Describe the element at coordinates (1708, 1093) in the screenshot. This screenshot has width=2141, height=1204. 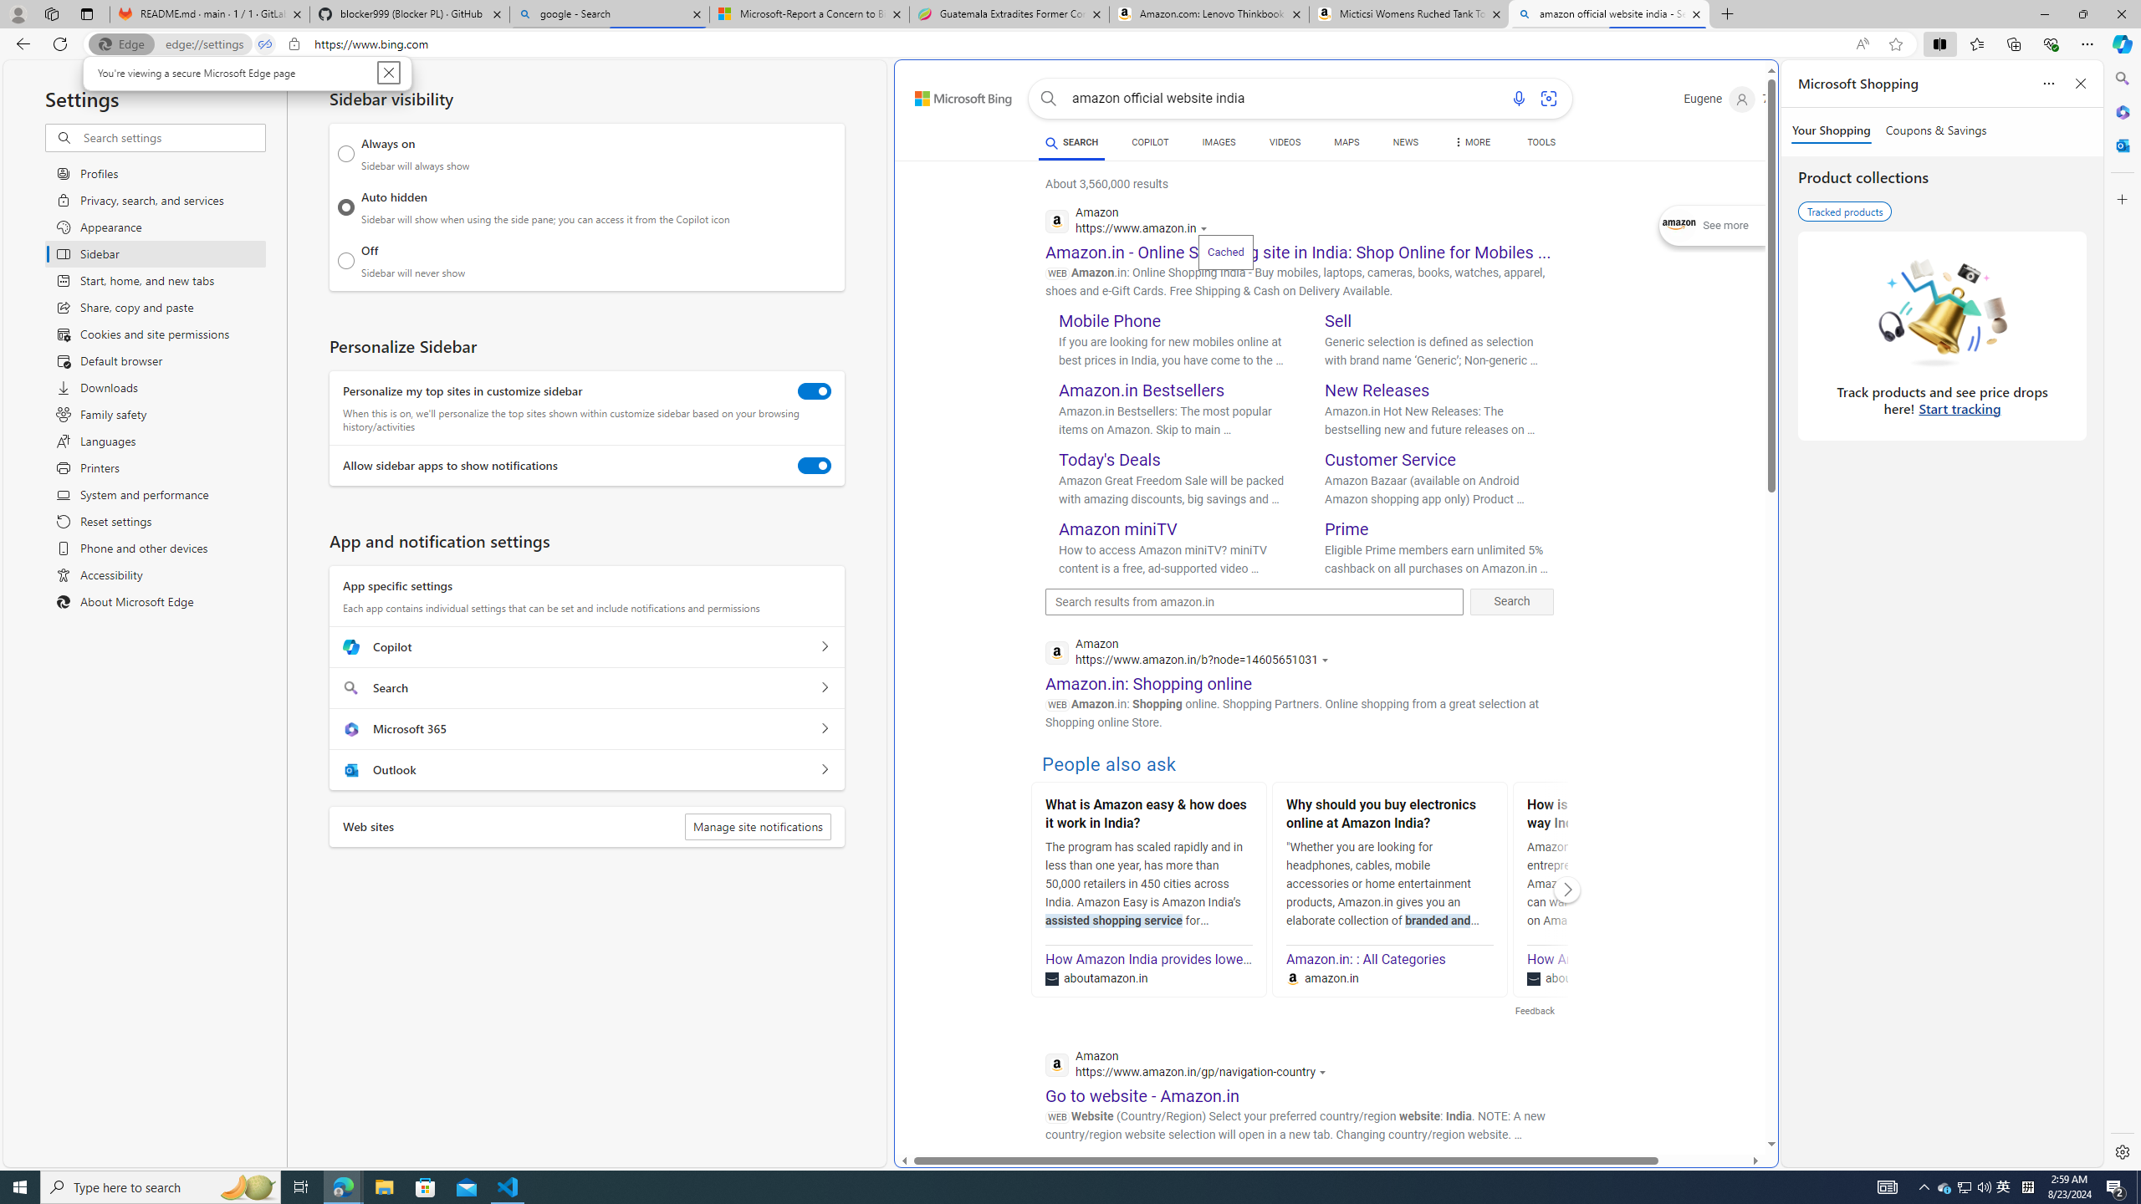
I see `'AutomationID: mfa_root'` at that location.